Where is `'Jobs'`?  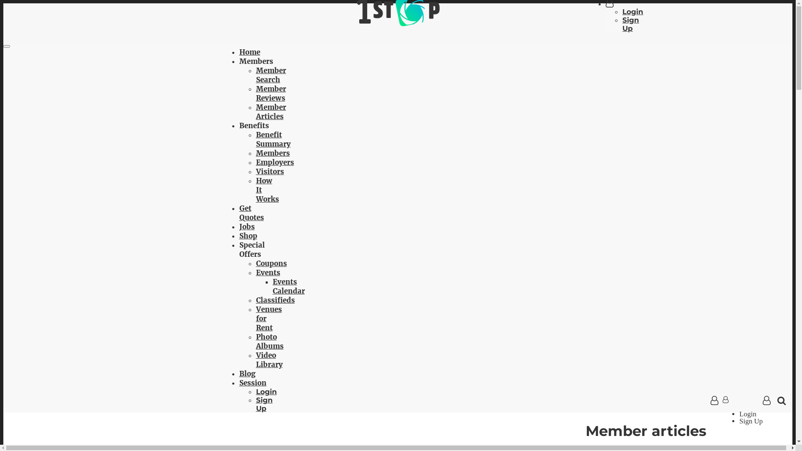
'Jobs' is located at coordinates (246, 227).